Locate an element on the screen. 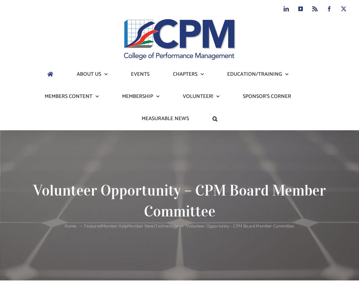  'Our Mission' is located at coordinates (83, 96).